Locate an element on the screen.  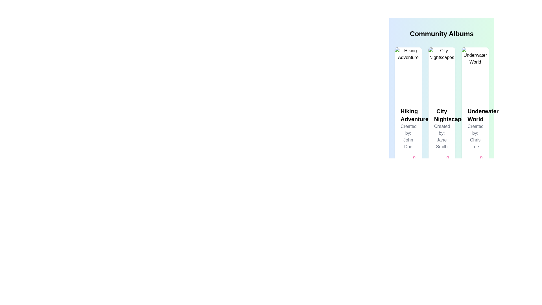
the Text panel displaying information for the album 'Underwater World', which includes interactive options to like or comment, located in the third card under the 'Community Albums' section is located at coordinates (475, 138).